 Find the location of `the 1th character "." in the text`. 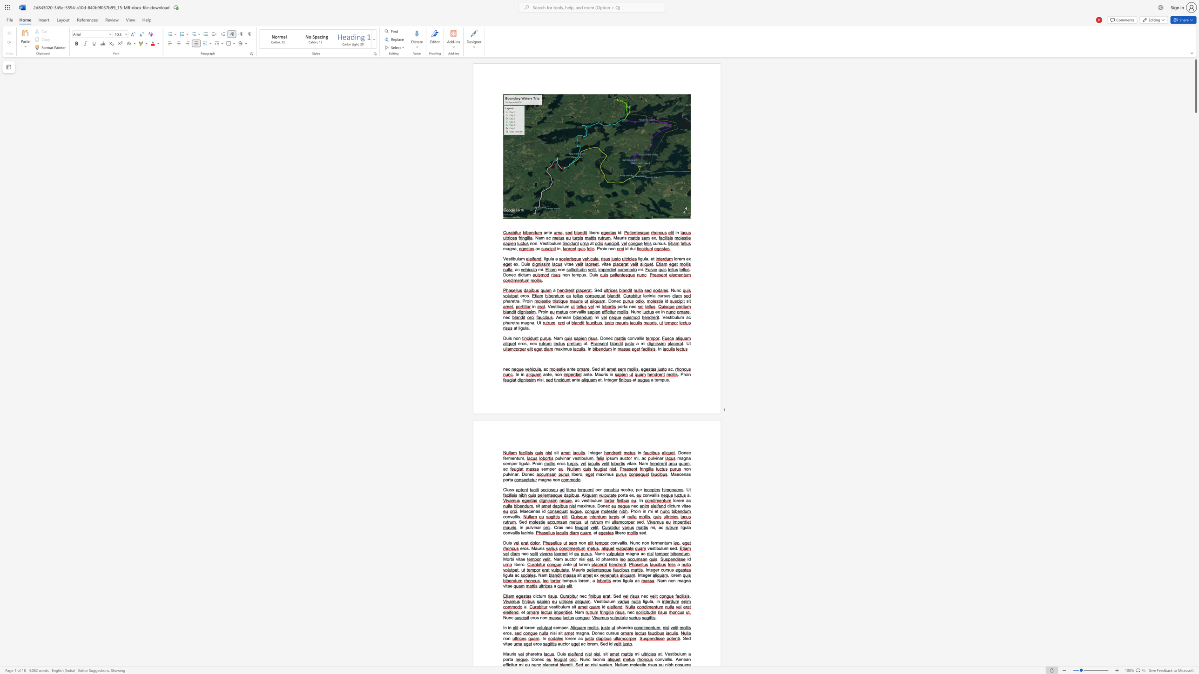

the 1th character "." in the text is located at coordinates (689, 553).